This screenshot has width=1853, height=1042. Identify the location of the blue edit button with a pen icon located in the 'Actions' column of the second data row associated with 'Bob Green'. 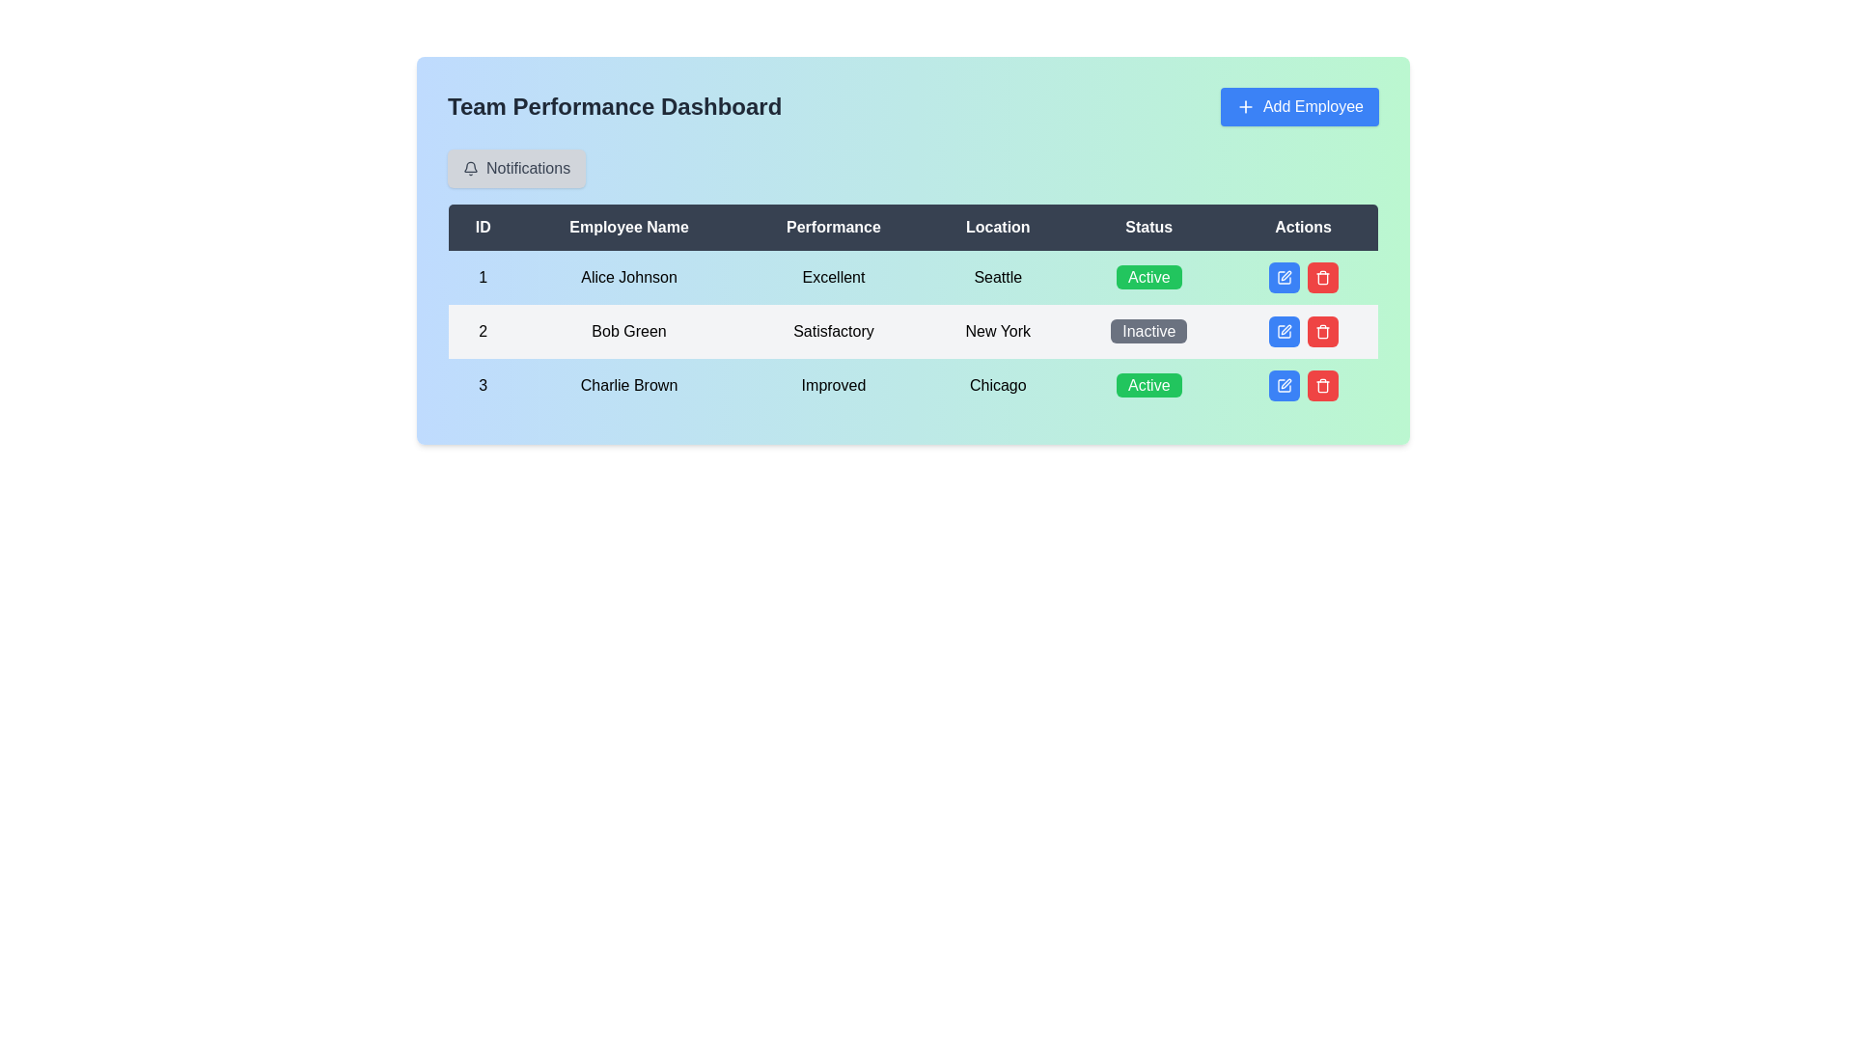
(1284, 278).